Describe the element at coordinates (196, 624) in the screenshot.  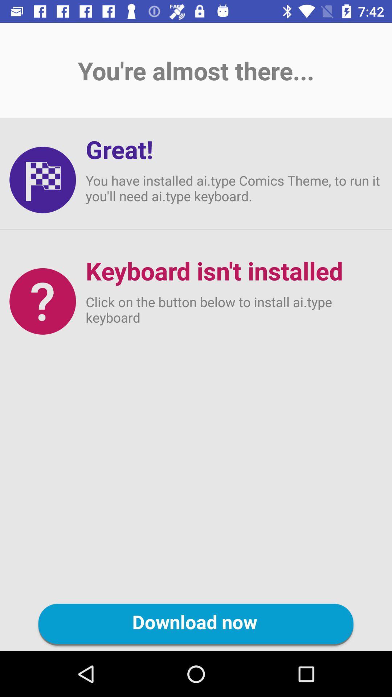
I see `the download now button` at that location.